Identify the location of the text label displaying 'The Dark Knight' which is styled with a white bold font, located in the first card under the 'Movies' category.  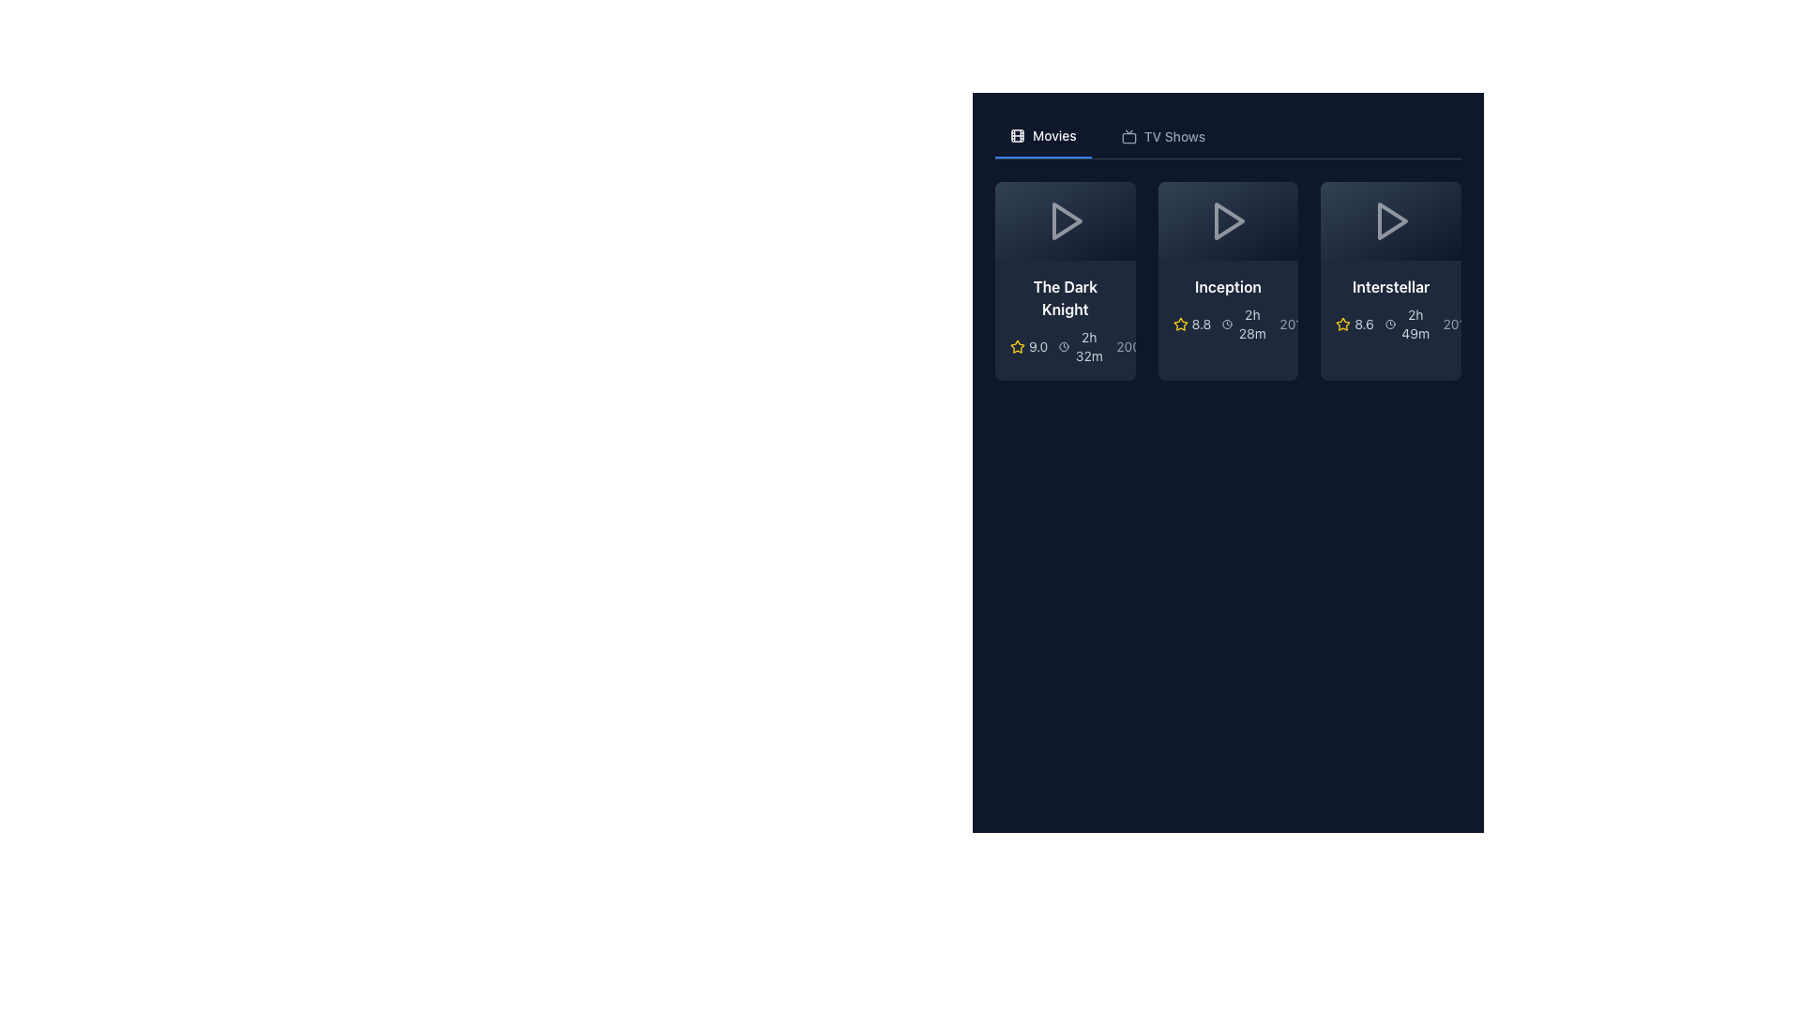
(1065, 297).